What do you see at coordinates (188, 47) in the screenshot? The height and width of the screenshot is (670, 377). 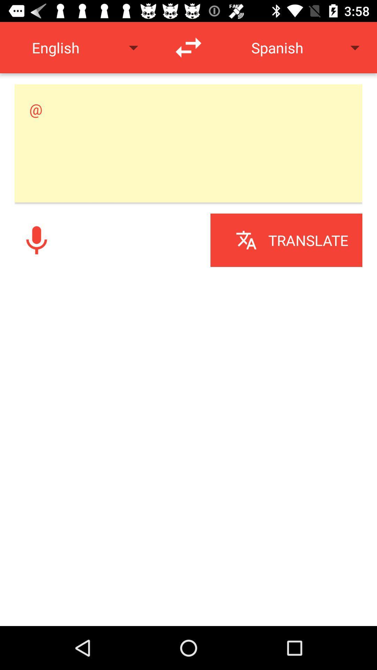 I see `switch languages` at bounding box center [188, 47].